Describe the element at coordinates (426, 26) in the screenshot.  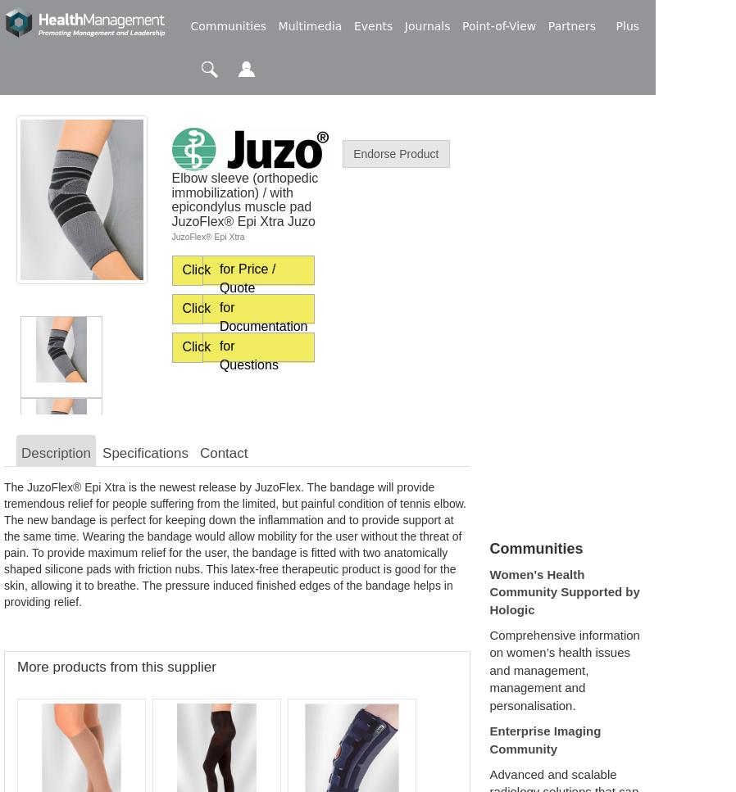
I see `'Journals'` at that location.